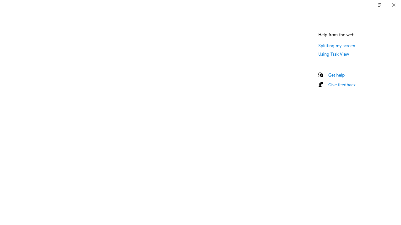 This screenshot has height=225, width=401. Describe the element at coordinates (341, 84) in the screenshot. I see `'Give feedback'` at that location.